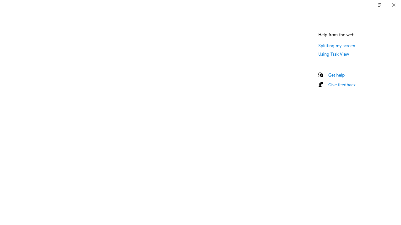 This screenshot has height=225, width=401. Describe the element at coordinates (341, 84) in the screenshot. I see `'Give feedback'` at that location.